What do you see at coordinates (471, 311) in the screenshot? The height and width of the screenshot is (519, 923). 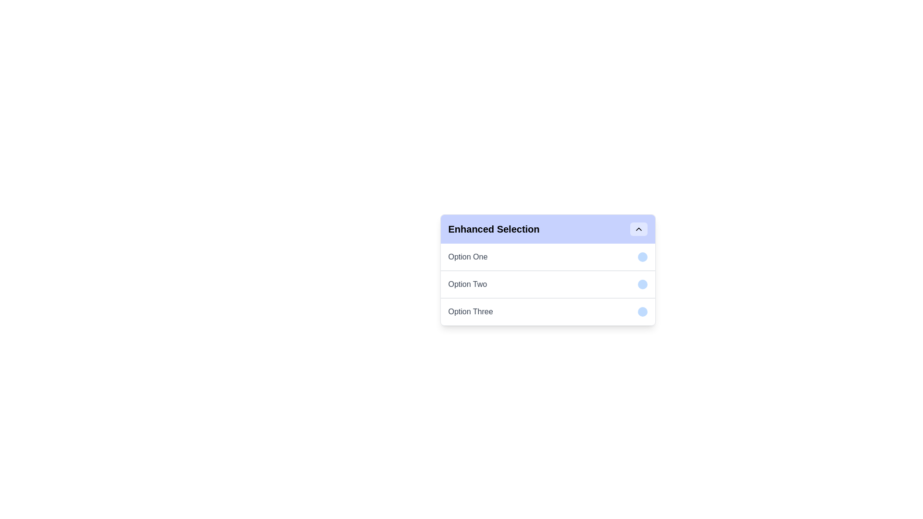 I see `text label displaying 'Option Three', which is part of a vertical list under the title 'Enhanced Selection'` at bounding box center [471, 311].